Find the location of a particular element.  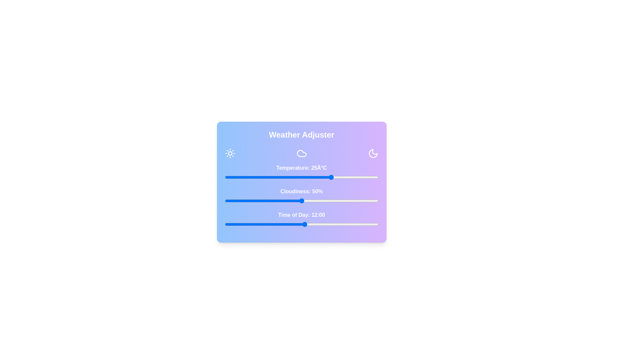

the crescent moon icon located in the top-right corner of the main card, adjacent to the title 'Weather Adjuster' is located at coordinates (373, 153).